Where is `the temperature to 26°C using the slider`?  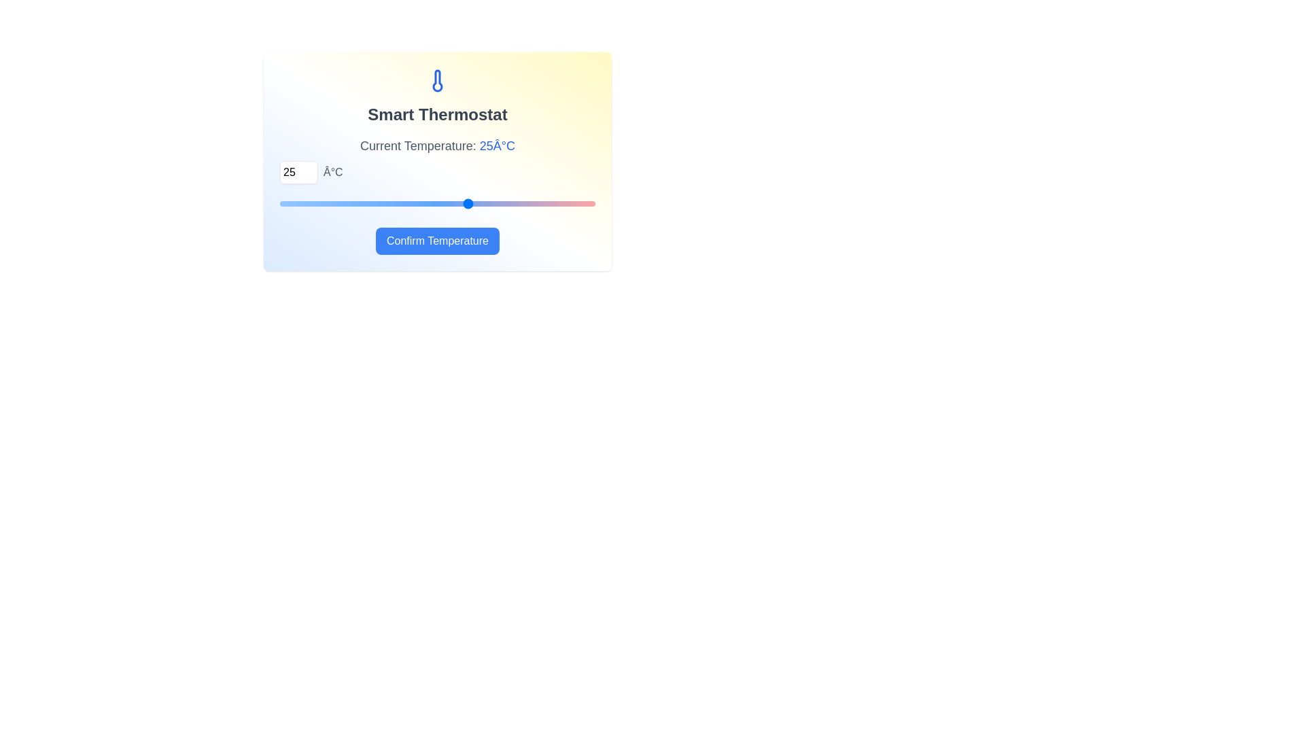
the temperature to 26°C using the slider is located at coordinates (482, 204).